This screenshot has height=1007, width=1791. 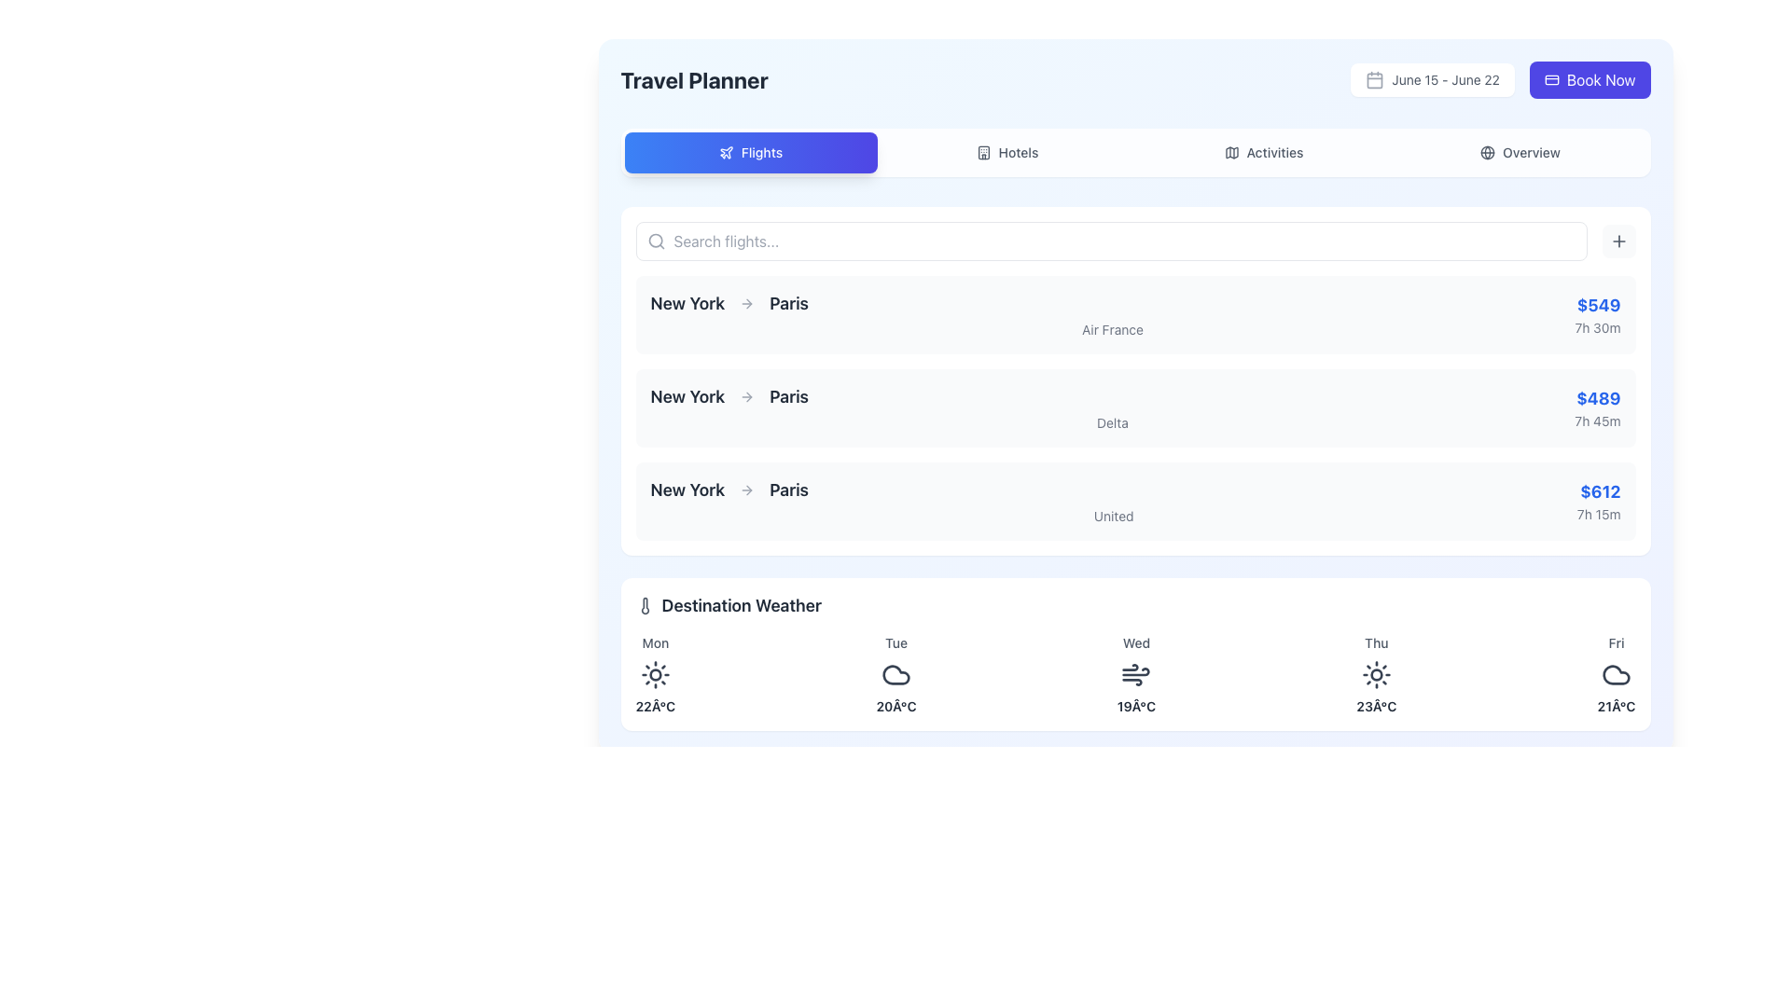 I want to click on the thermometer icon in the 'Destination Weather' section, located to the left of the title 'Destination Weather', so click(x=645, y=606).